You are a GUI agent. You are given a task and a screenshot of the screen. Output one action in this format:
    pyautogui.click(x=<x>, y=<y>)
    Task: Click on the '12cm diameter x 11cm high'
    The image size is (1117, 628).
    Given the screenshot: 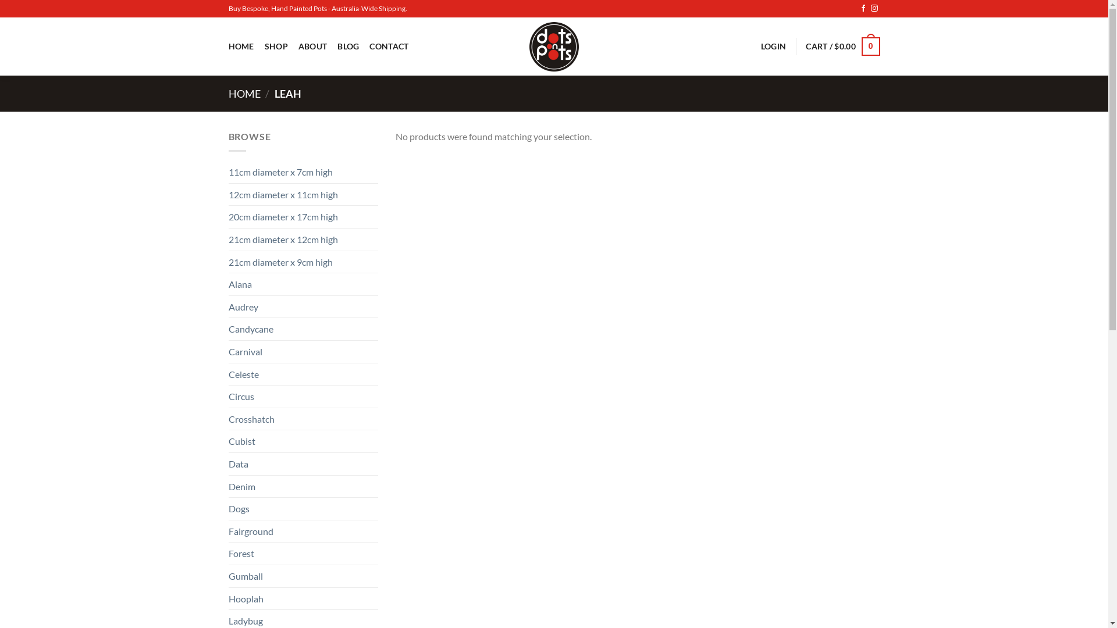 What is the action you would take?
    pyautogui.click(x=303, y=194)
    